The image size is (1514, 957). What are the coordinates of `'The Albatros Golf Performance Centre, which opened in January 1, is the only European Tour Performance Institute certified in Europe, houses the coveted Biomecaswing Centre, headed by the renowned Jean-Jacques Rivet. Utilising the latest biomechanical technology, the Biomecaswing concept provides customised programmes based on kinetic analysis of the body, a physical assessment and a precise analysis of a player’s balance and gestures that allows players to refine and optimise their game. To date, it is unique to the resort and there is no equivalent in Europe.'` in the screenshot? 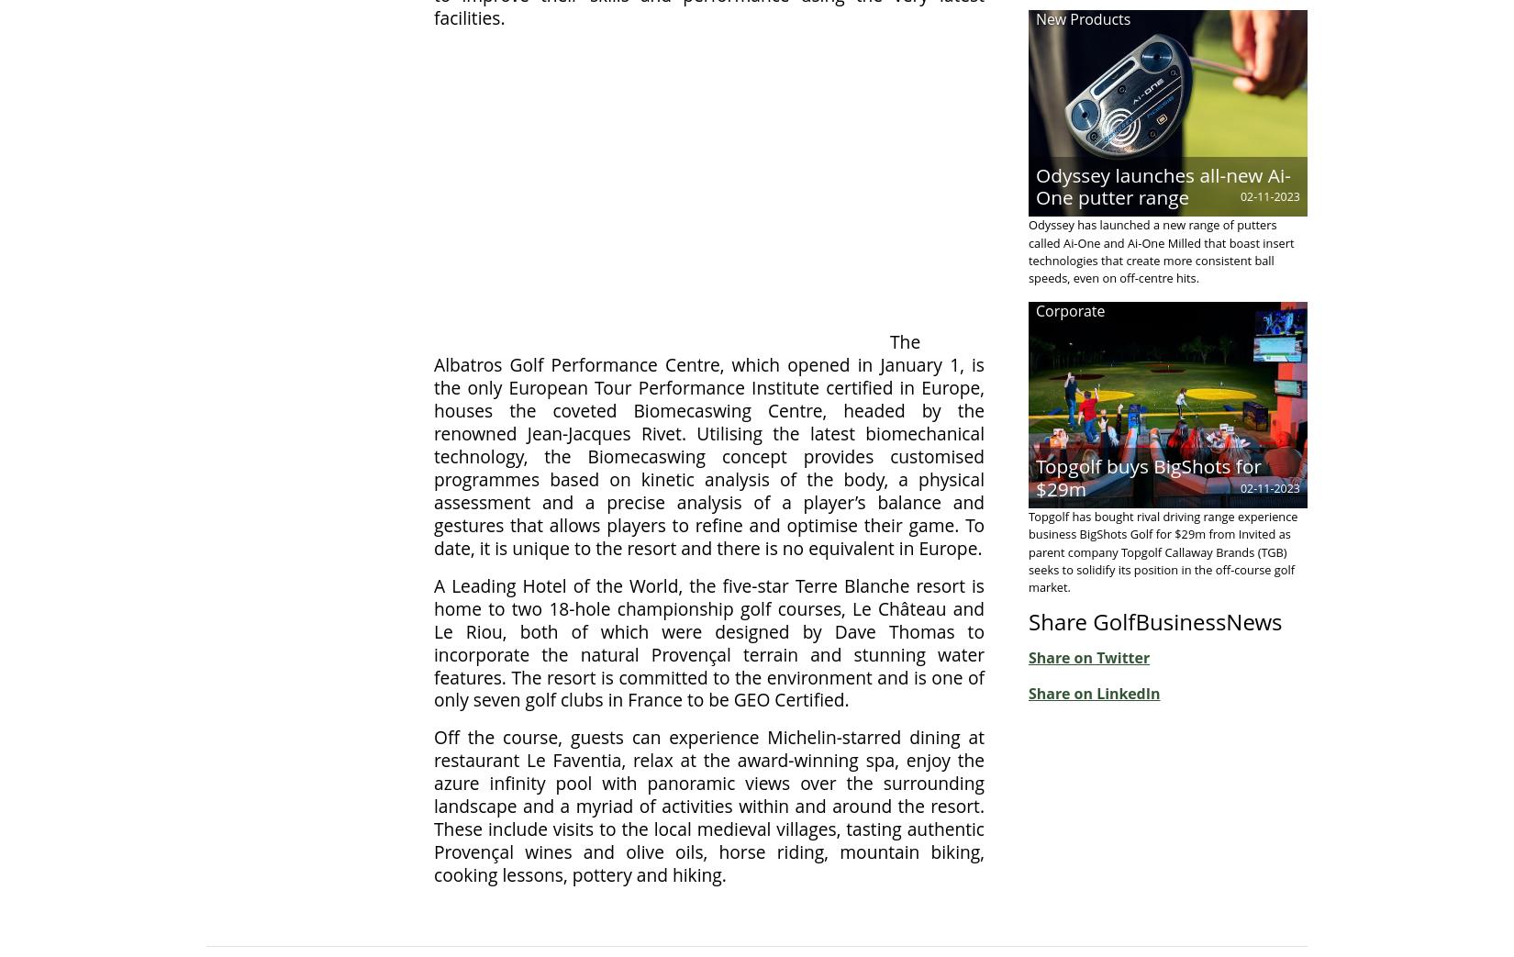 It's located at (708, 443).